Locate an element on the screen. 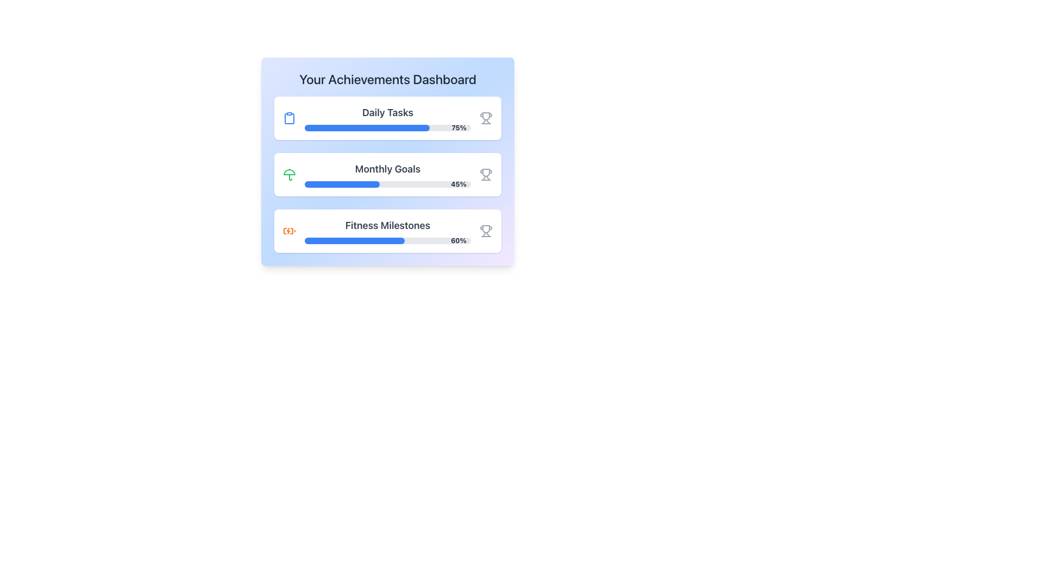  the umbrella stem icon representing 'Monthly Goals' located to the left of the 'Monthly Goals' text and above the progress bar is located at coordinates (290, 177).